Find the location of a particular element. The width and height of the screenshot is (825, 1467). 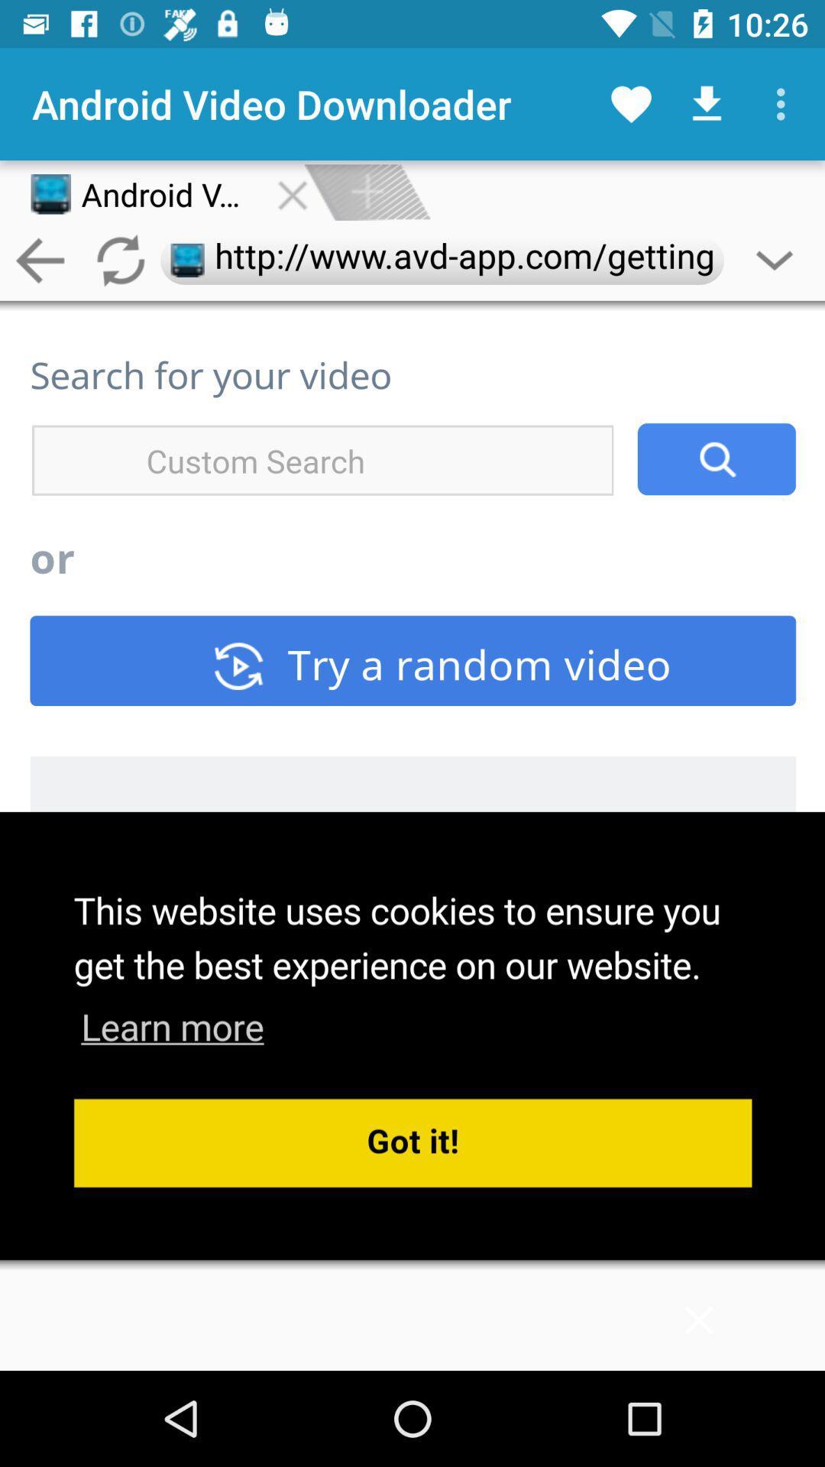

the close icon is located at coordinates (293, 192).